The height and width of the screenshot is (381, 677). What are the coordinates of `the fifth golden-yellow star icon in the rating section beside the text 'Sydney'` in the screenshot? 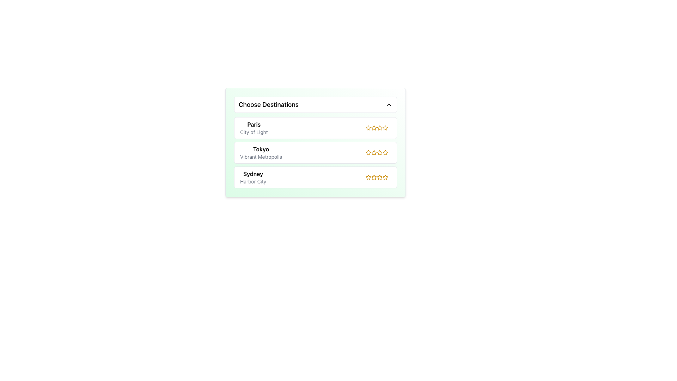 It's located at (379, 177).